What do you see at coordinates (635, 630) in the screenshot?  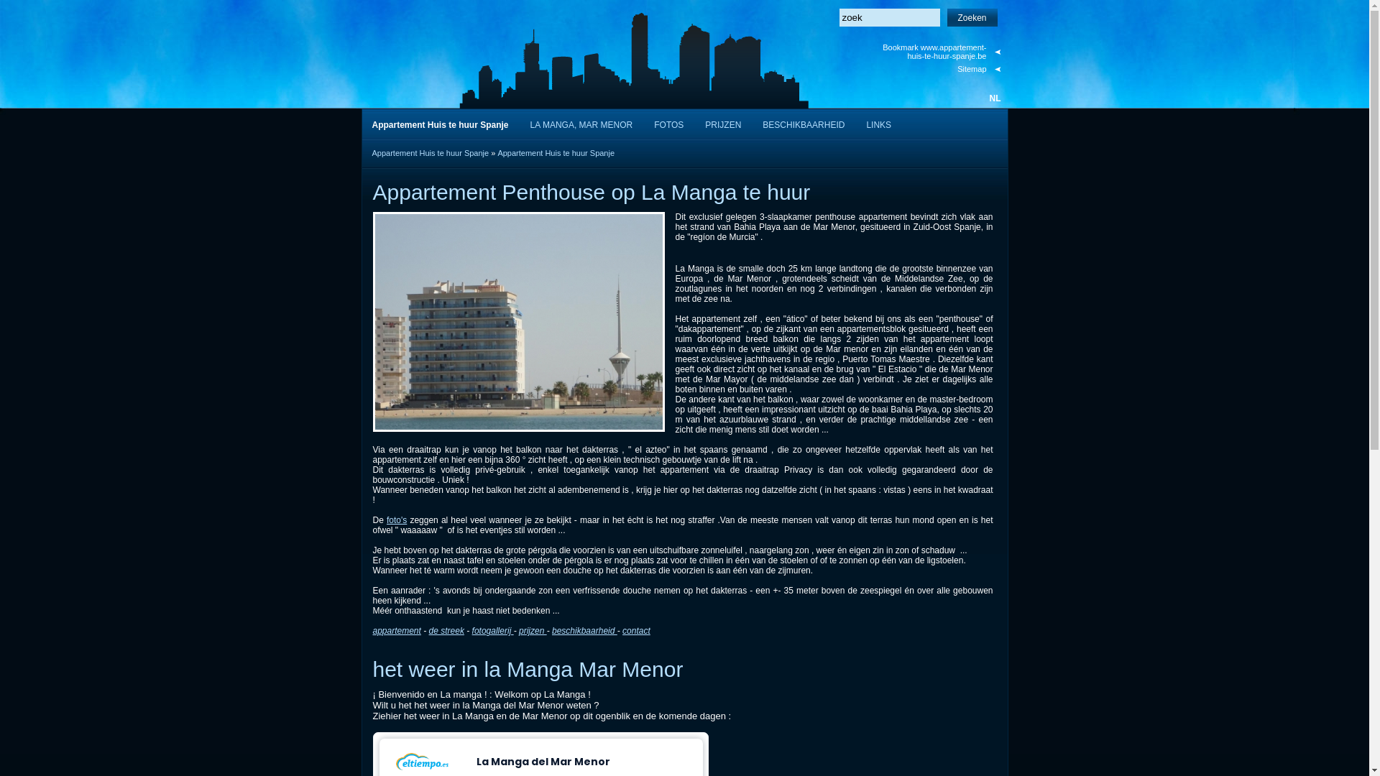 I see `'contact'` at bounding box center [635, 630].